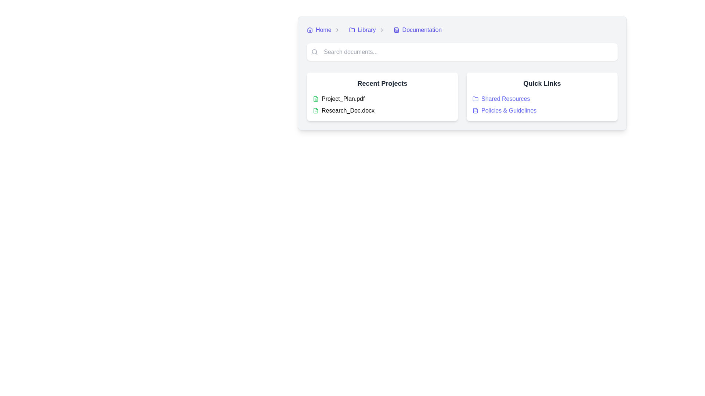  Describe the element at coordinates (417, 29) in the screenshot. I see `the 'Documentation' breadcrumb navigation link, which is represented by a document icon and bold, blue underlined text, positioned between 'Library' and other elements in the breadcrumb section` at that location.